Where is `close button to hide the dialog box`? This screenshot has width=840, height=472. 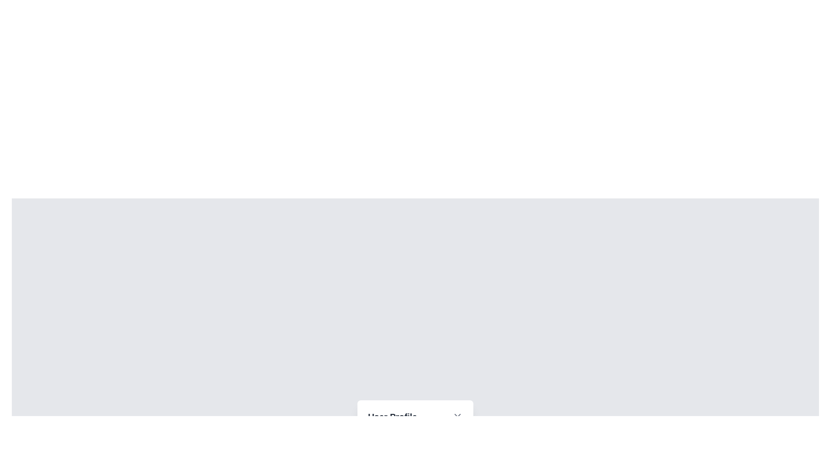 close button to hide the dialog box is located at coordinates (457, 416).